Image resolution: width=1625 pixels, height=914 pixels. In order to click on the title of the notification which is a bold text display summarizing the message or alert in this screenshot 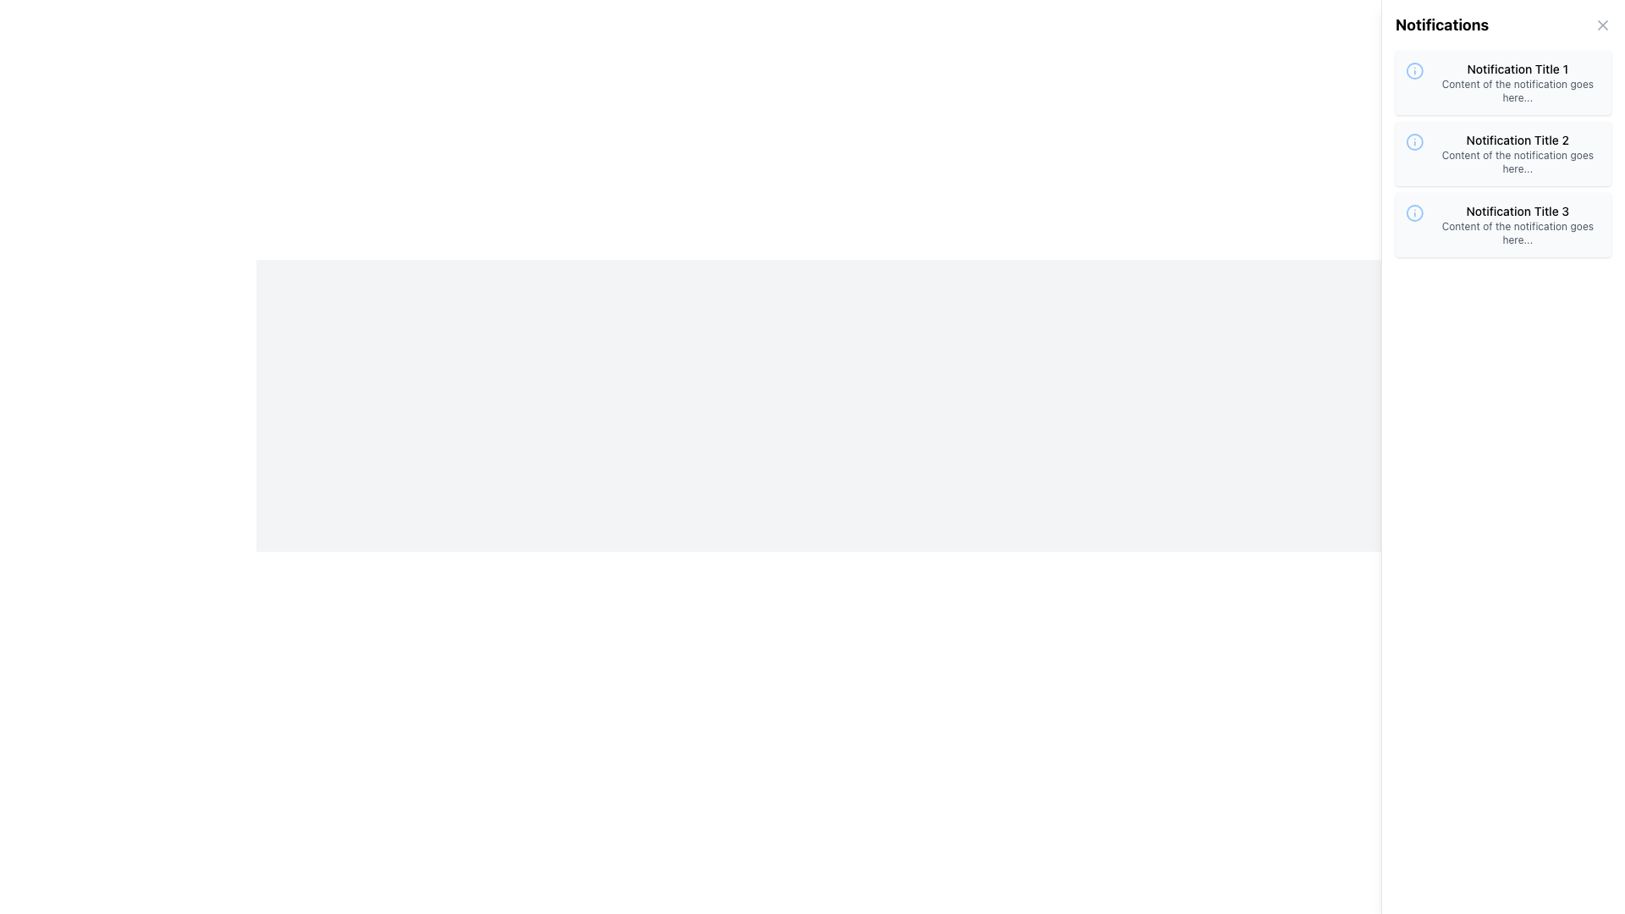, I will do `click(1518, 211)`.